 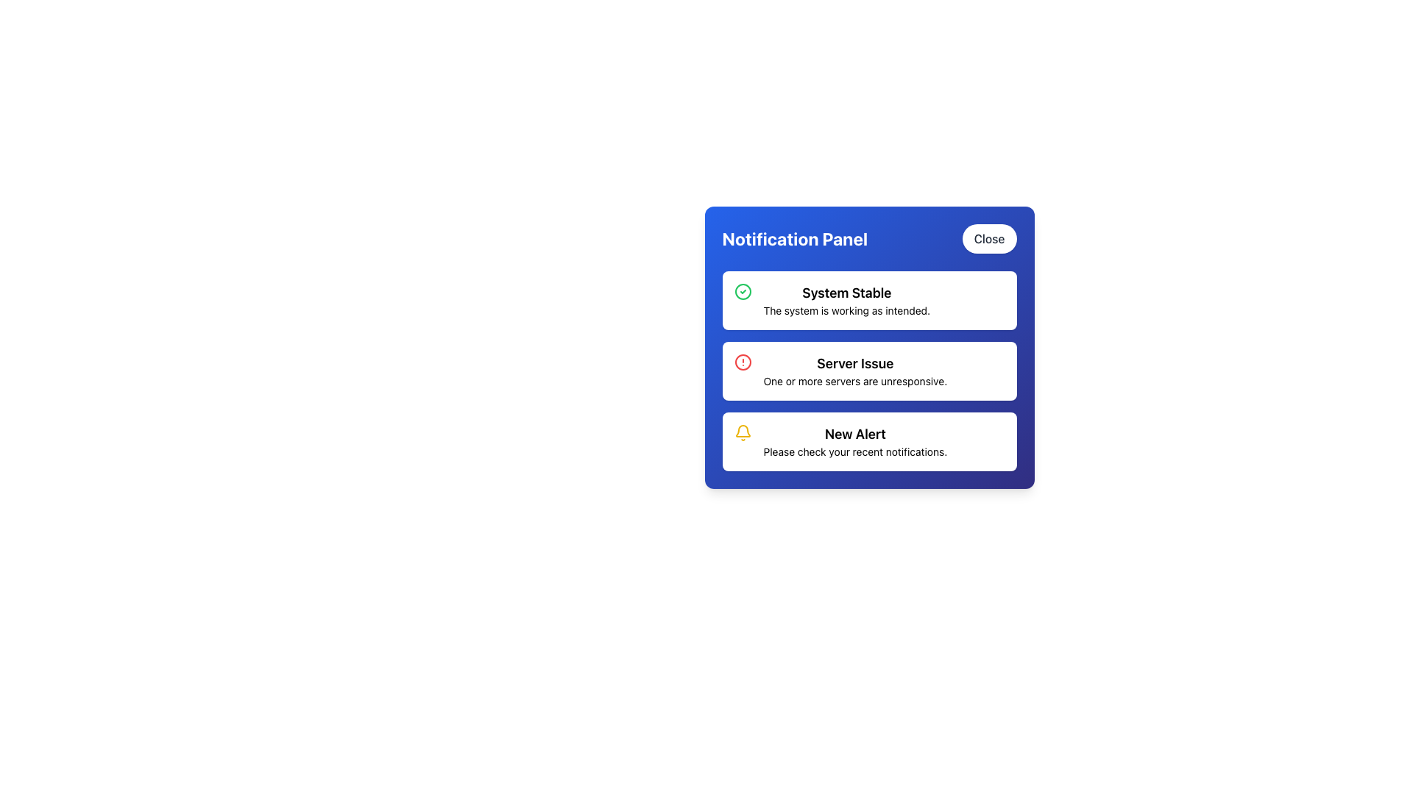 What do you see at coordinates (846, 310) in the screenshot?
I see `displayed text from the supplementary information label located directly below the 'System Stable' header in the notification panel` at bounding box center [846, 310].